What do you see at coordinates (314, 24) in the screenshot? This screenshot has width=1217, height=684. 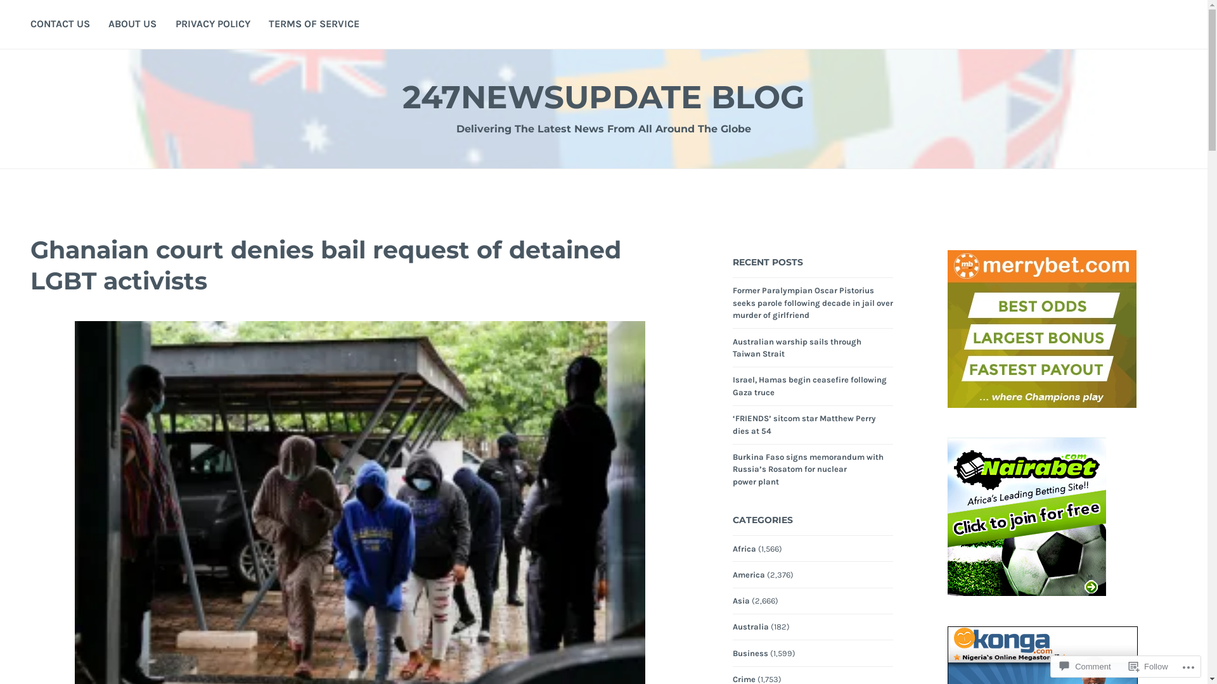 I see `'TERMS OF SERVICE'` at bounding box center [314, 24].